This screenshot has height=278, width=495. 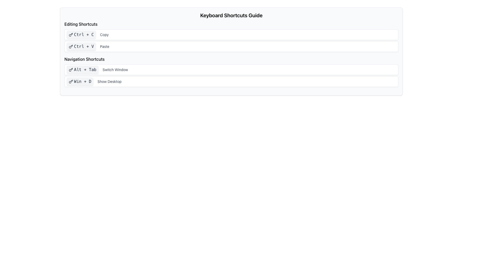 I want to click on the 'Alt + Tab' keyboard shortcut label in the 'Navigation Shortcuts' section, which is located in the first row and is adjacent to 'Switch Window', so click(x=82, y=69).